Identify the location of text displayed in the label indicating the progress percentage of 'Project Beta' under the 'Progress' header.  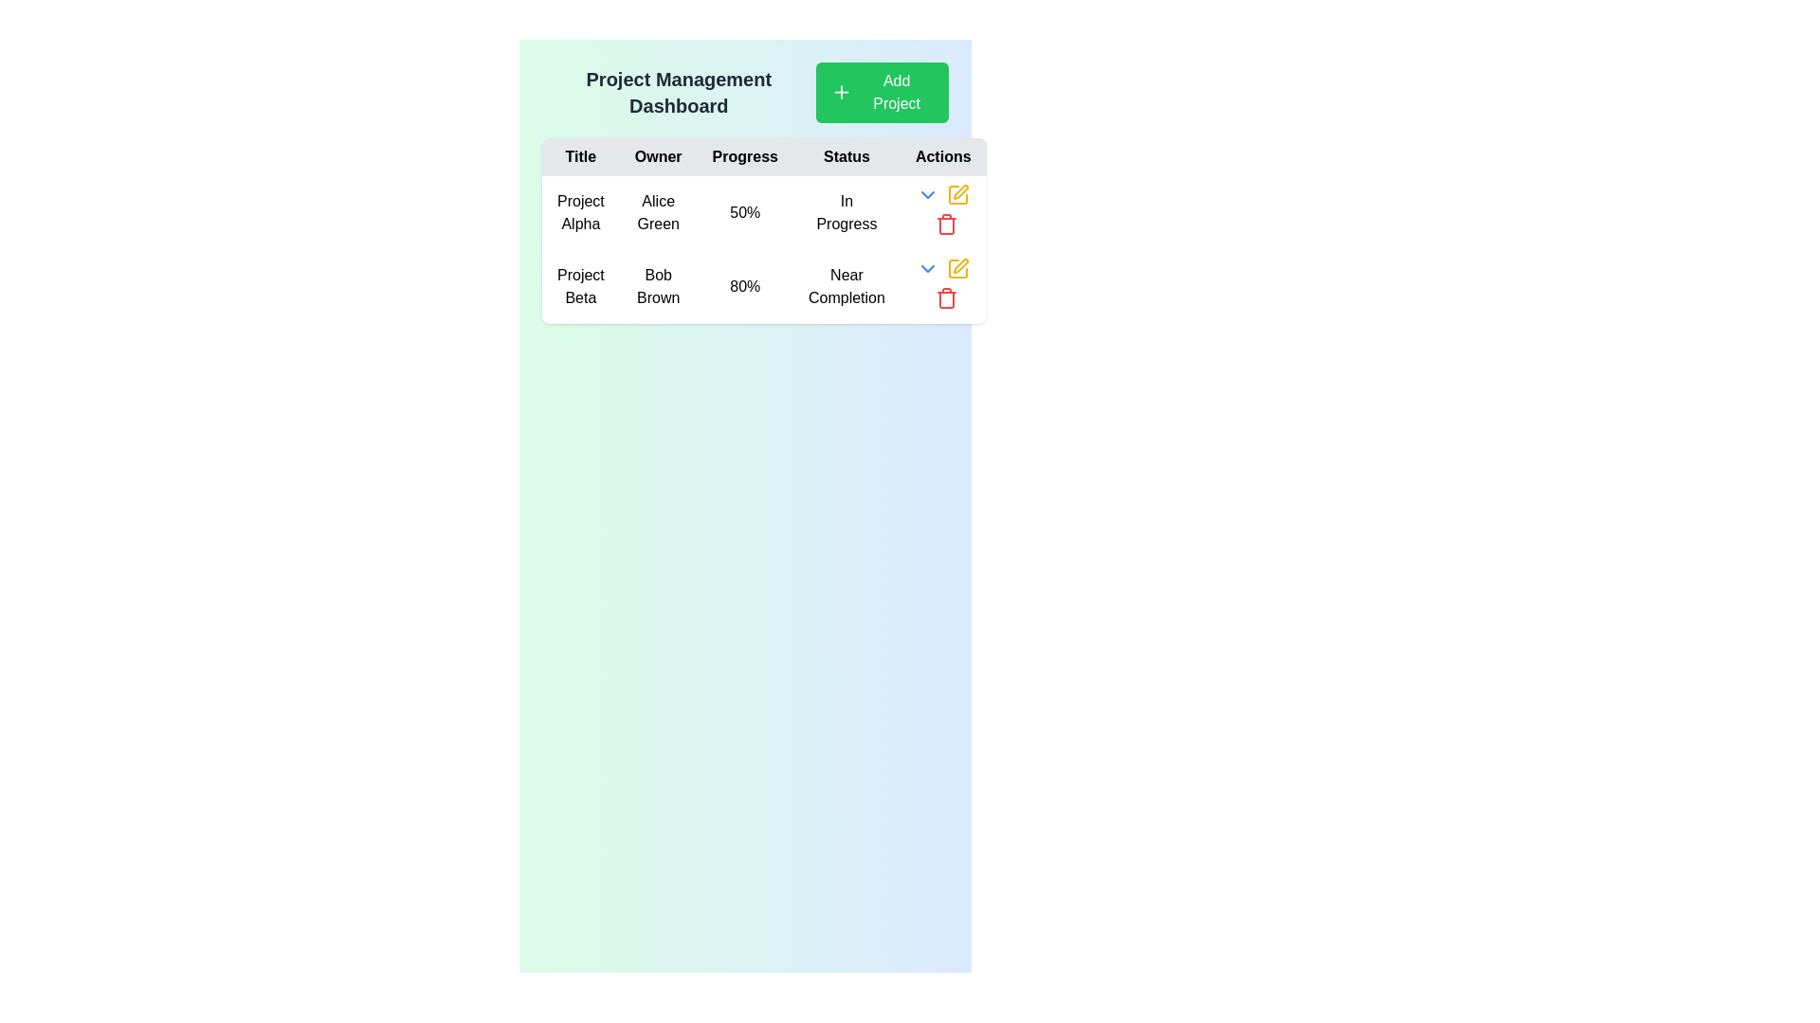
(744, 287).